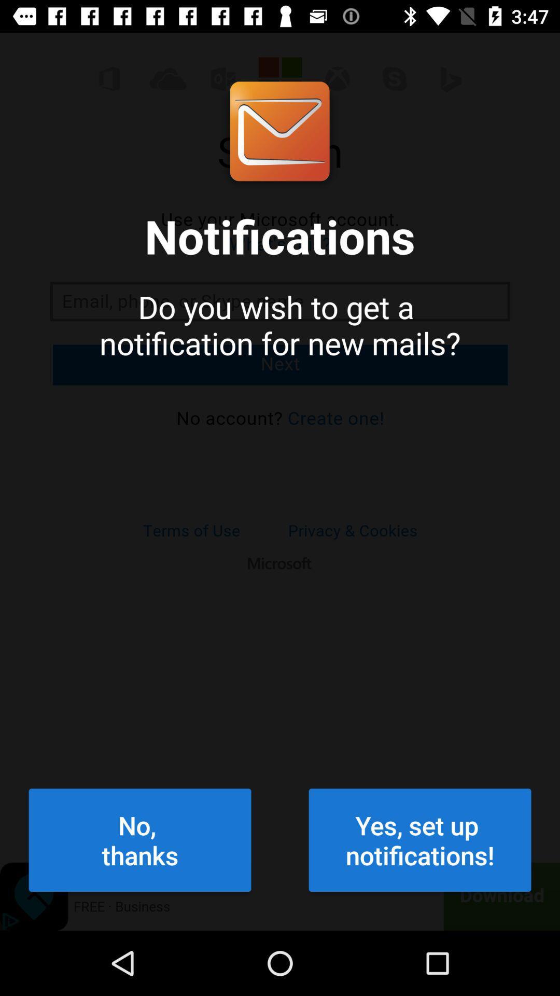 The height and width of the screenshot is (996, 560). What do you see at coordinates (420, 840) in the screenshot?
I see `yes set up at the bottom right corner` at bounding box center [420, 840].